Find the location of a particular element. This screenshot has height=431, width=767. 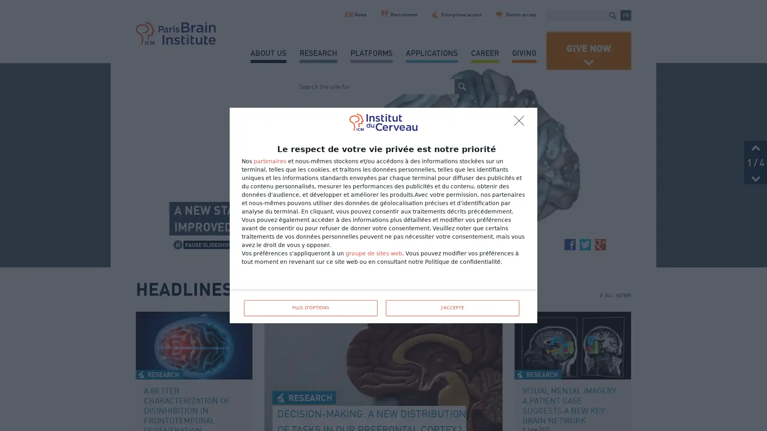

J'ACCEPTE is located at coordinates (452, 307).